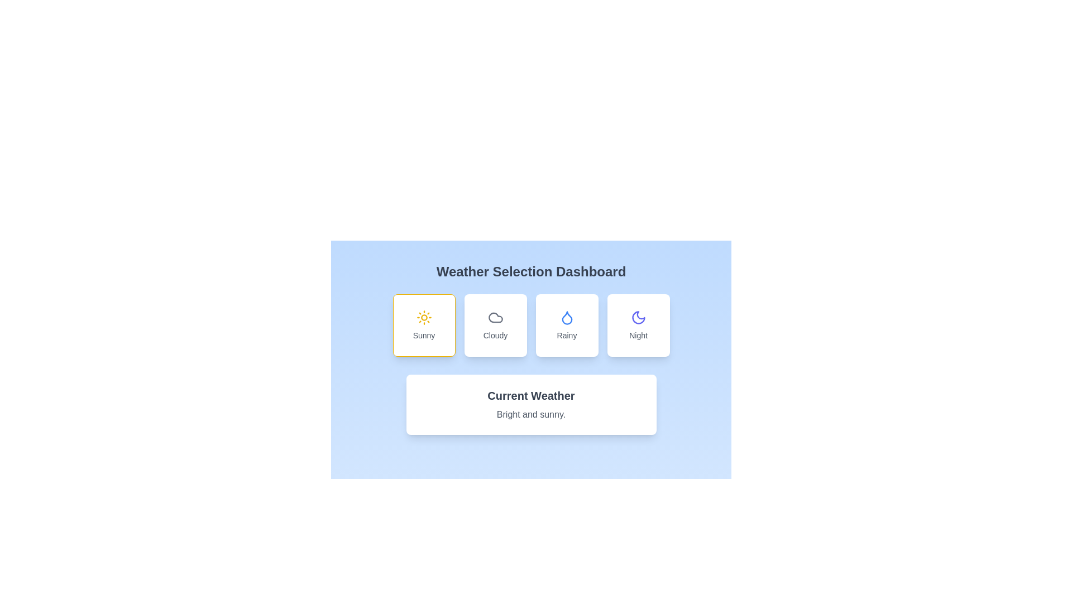 The image size is (1072, 603). Describe the element at coordinates (530, 415) in the screenshot. I see `the static text label that displays additional descriptive information about the current weather, located below the 'Current Weather' text in the dashboard card` at that location.